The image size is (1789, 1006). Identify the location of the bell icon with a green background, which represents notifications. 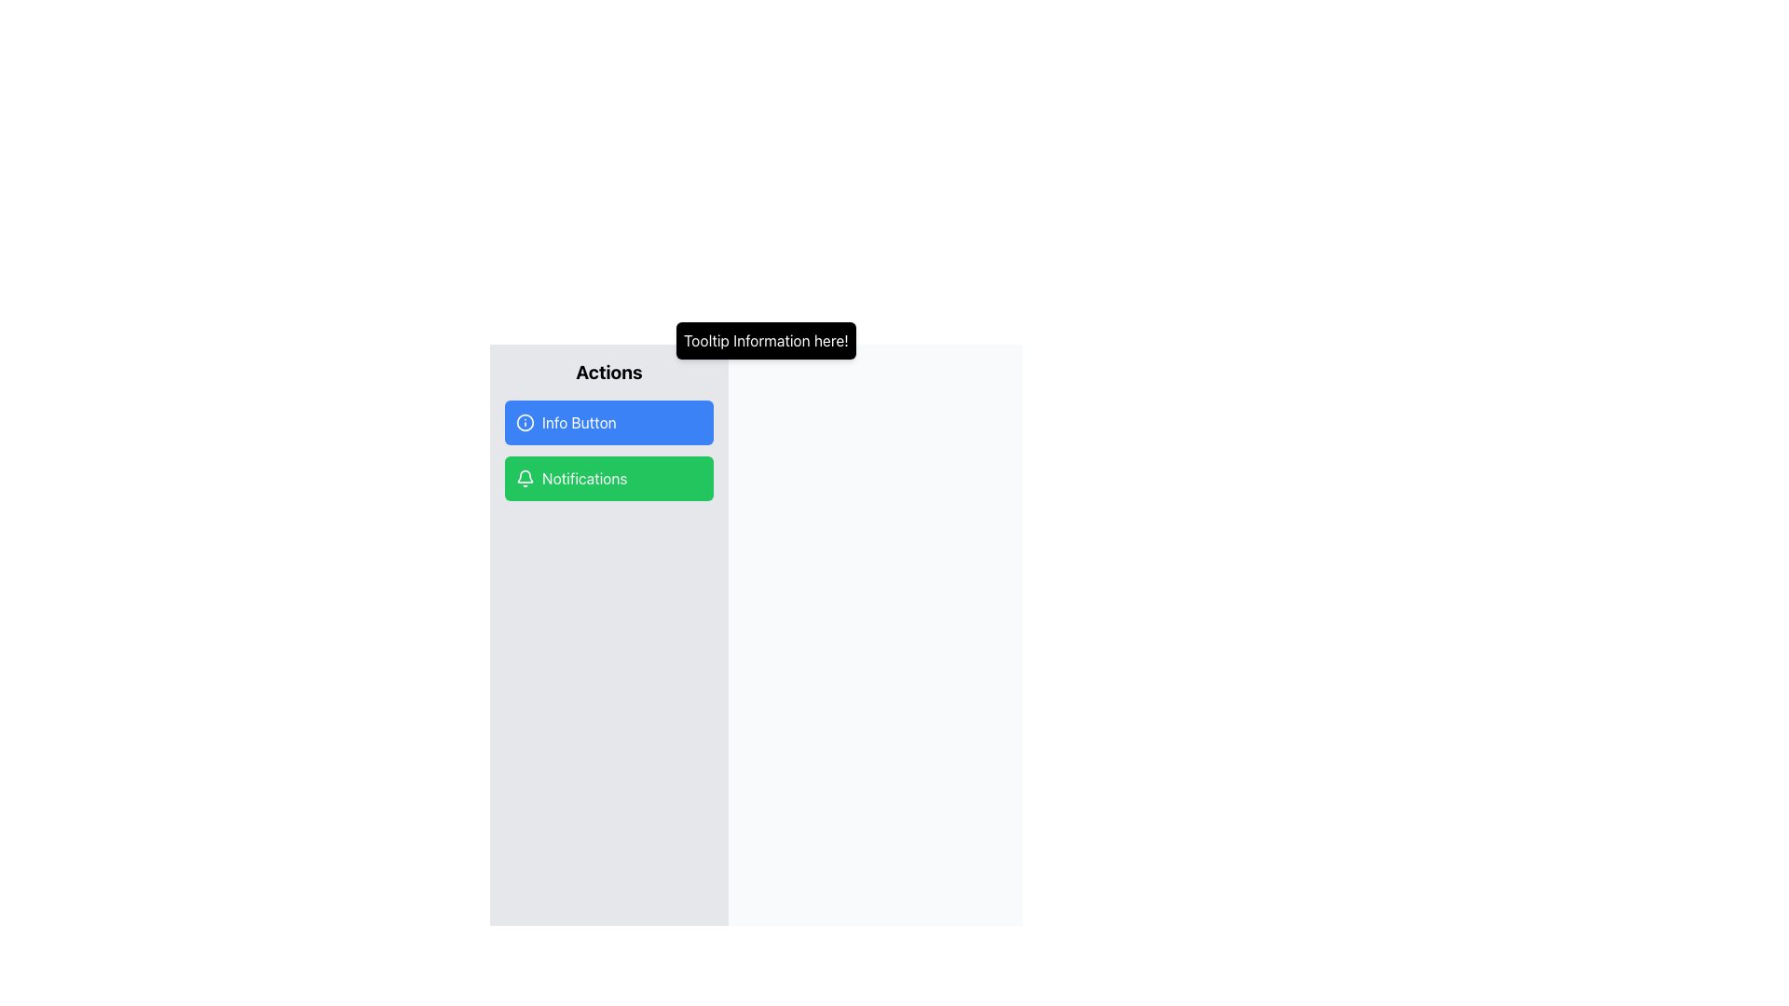
(525, 477).